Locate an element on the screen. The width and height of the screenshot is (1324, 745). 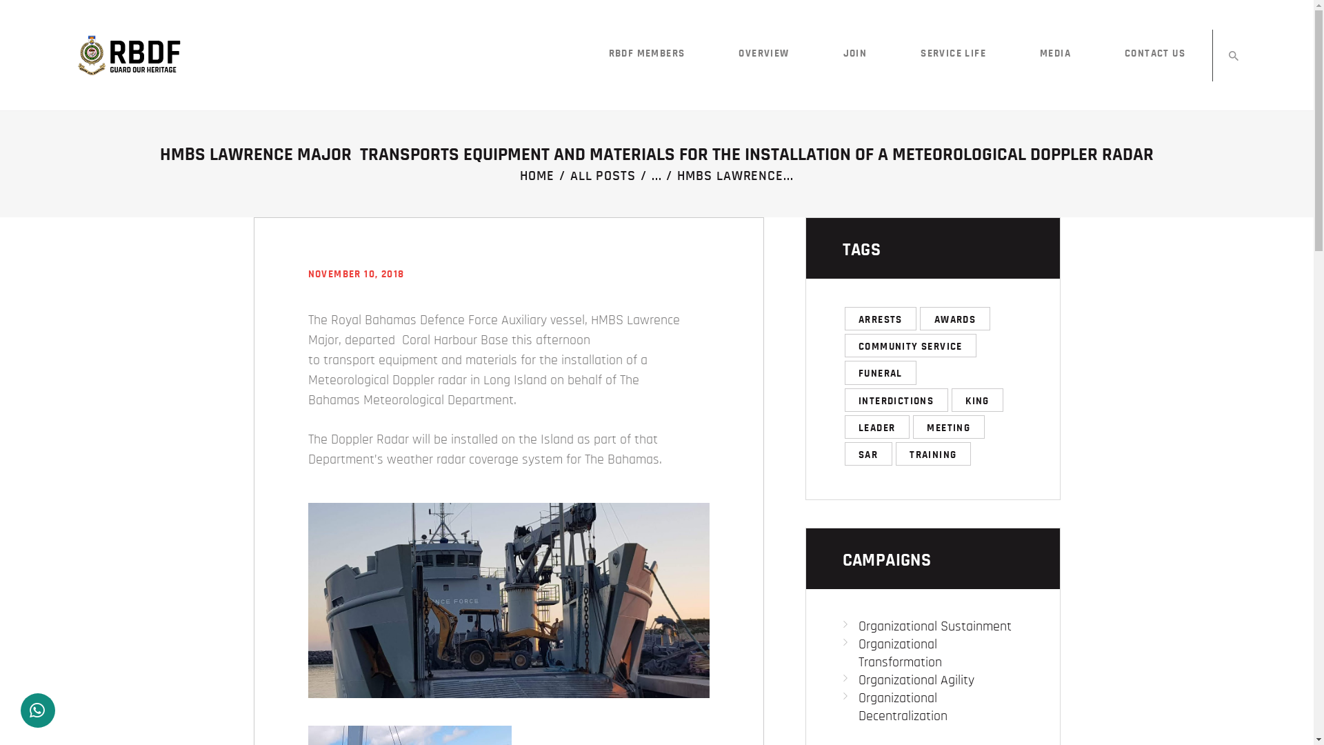
'COMMUNITY SERVICE' is located at coordinates (910, 345).